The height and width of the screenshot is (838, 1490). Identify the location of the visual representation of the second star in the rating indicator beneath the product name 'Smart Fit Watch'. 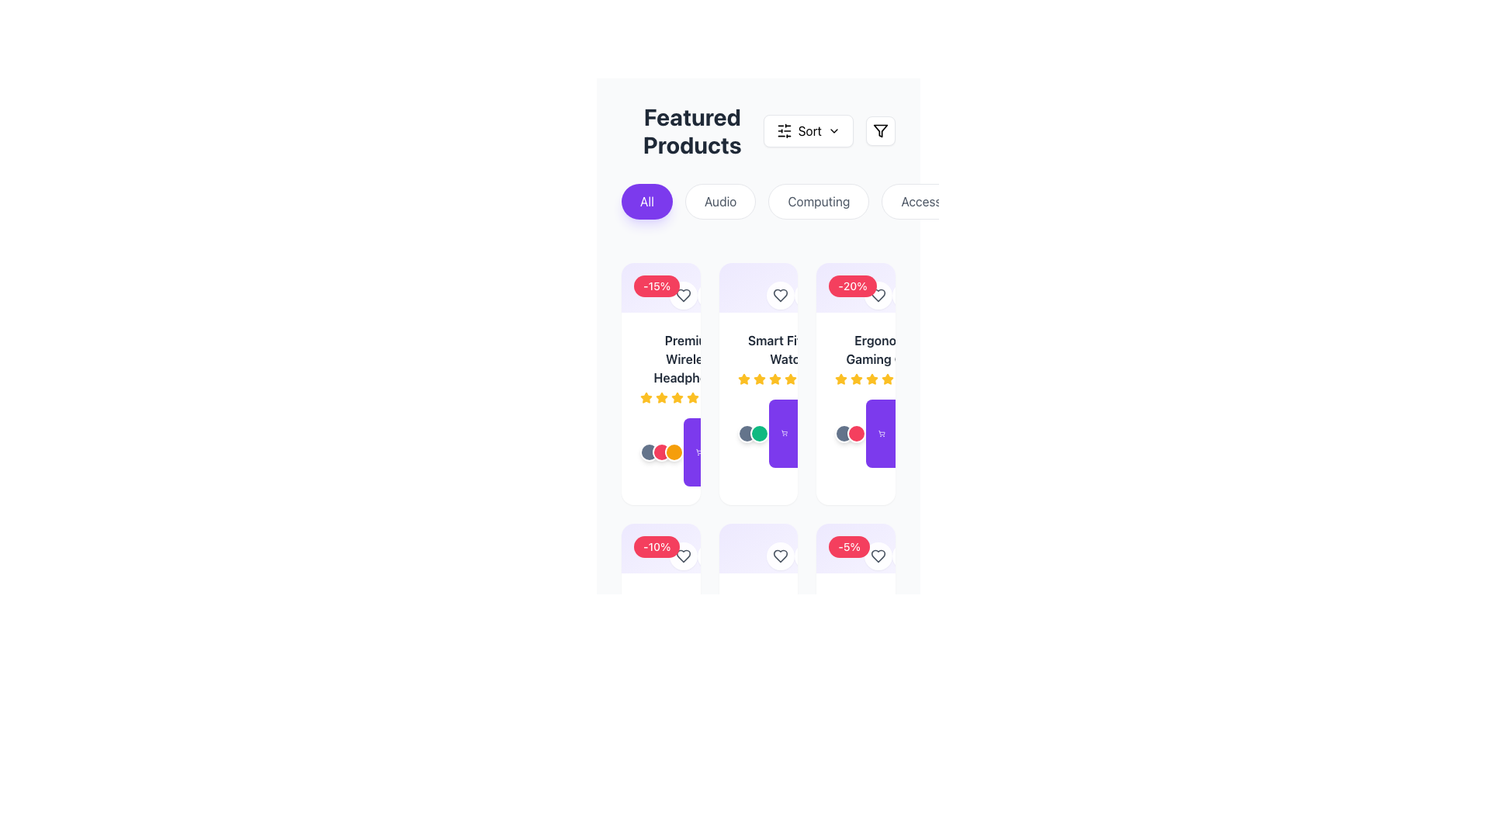
(774, 379).